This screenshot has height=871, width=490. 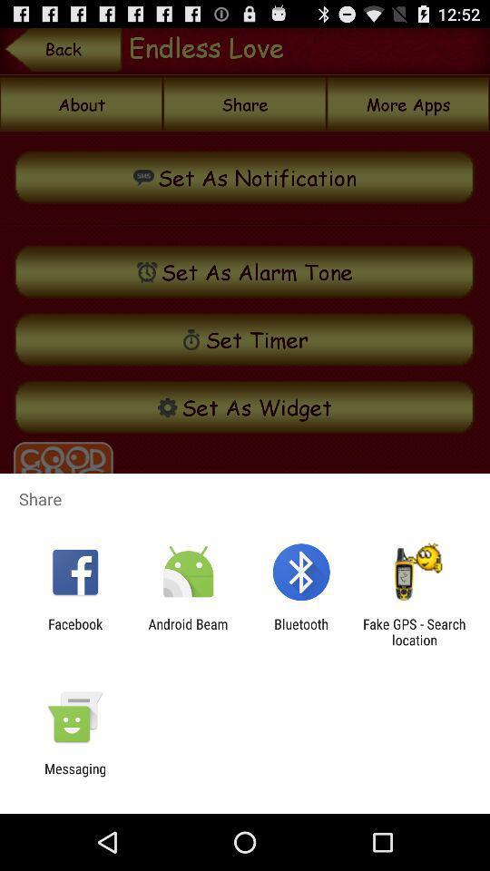 I want to click on the app to the right of android beam, so click(x=301, y=631).